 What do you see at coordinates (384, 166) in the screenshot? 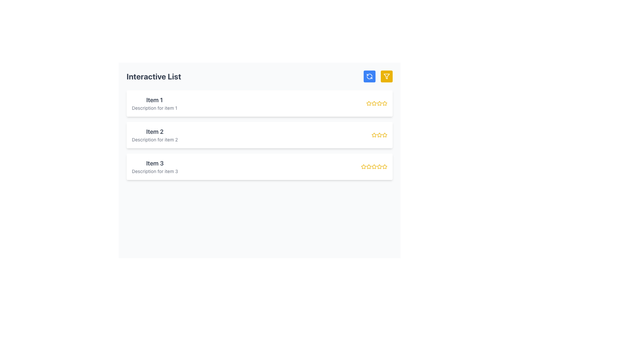
I see `the first star icon used for rating 'Item 3'` at bounding box center [384, 166].